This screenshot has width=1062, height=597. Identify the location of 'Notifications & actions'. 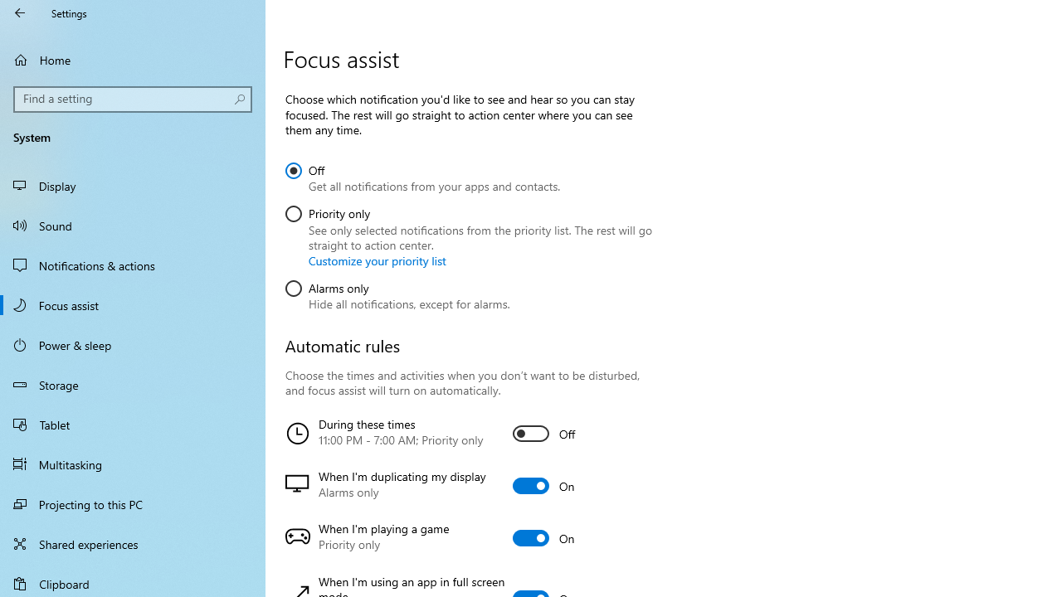
(133, 265).